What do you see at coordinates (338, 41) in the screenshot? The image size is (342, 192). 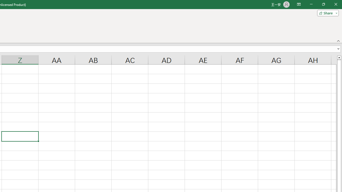 I see `'Collapse the Ribbon'` at bounding box center [338, 41].